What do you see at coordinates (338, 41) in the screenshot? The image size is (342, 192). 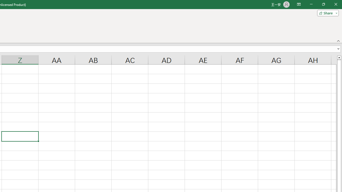 I see `'Collapse the Ribbon'` at bounding box center [338, 41].